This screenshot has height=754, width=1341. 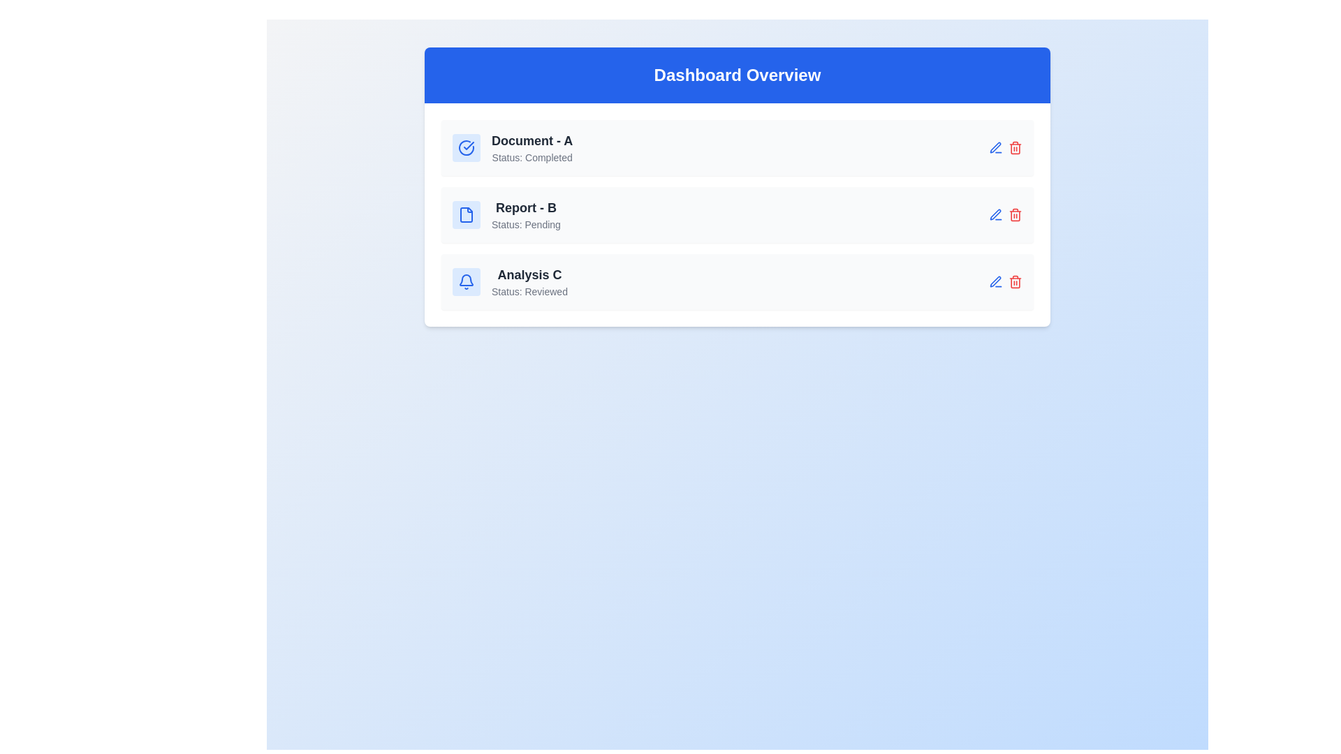 I want to click on the delete button, which is the third trash icon in the layout positioned to the right of a blue edit icon, to initiate a delete action, so click(x=1016, y=148).